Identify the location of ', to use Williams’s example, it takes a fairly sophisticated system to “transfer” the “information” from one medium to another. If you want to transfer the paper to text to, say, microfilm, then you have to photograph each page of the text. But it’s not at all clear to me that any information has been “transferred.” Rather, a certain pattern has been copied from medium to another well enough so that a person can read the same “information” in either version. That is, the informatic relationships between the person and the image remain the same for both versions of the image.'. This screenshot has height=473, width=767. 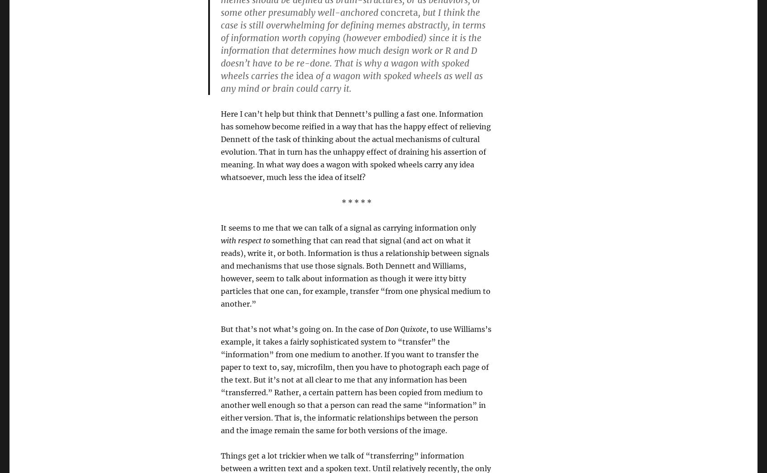
(355, 379).